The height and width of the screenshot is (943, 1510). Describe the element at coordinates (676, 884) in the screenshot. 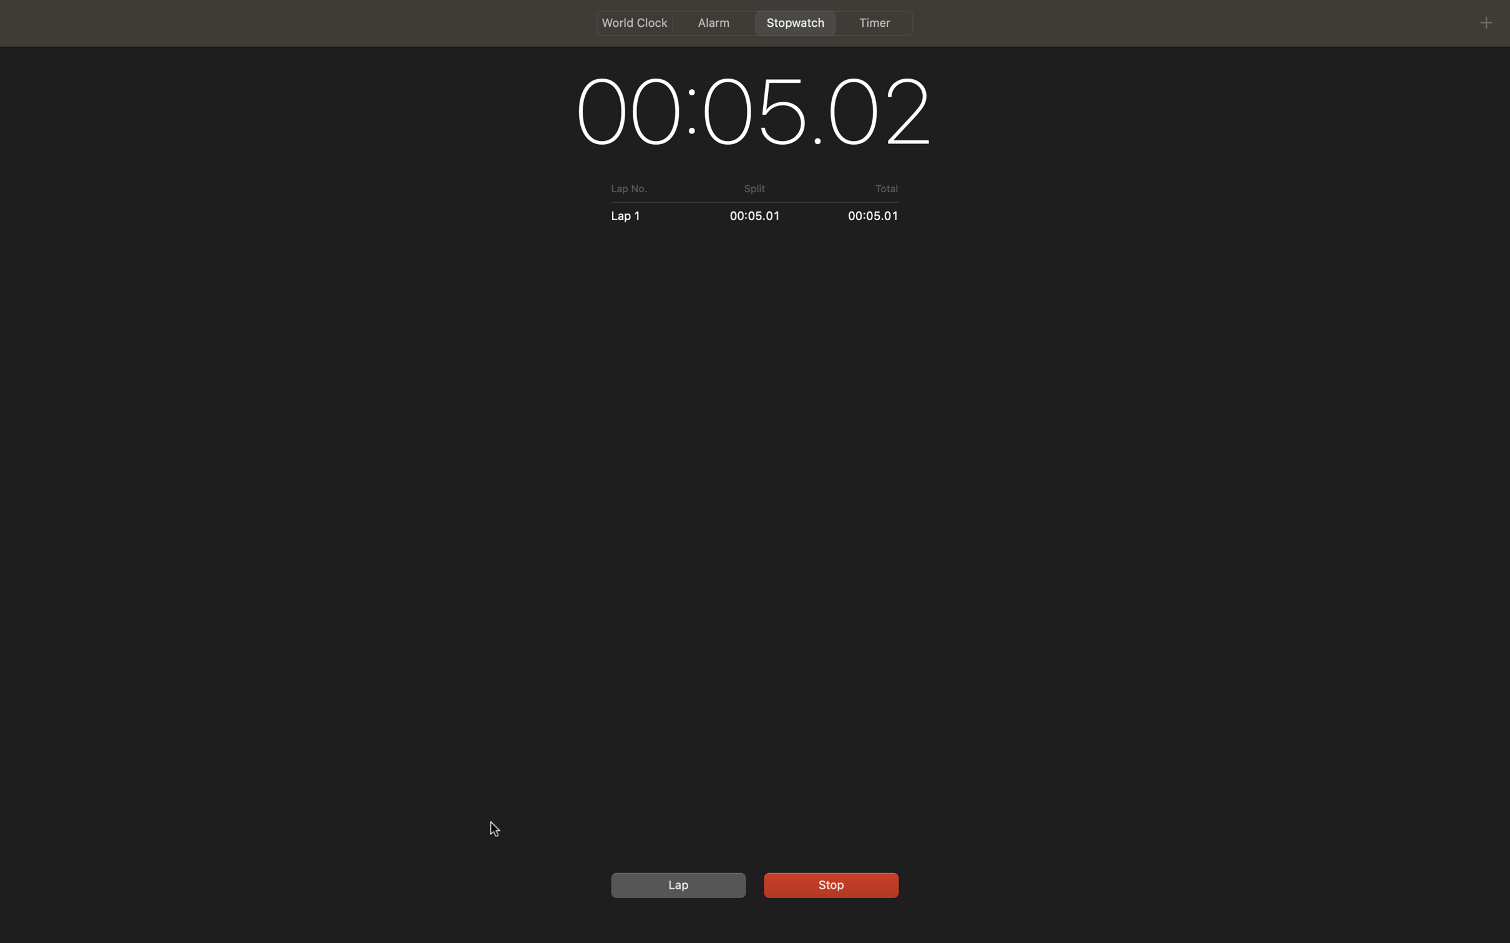

I see `a lap during a run, then stop the stopwatch` at that location.